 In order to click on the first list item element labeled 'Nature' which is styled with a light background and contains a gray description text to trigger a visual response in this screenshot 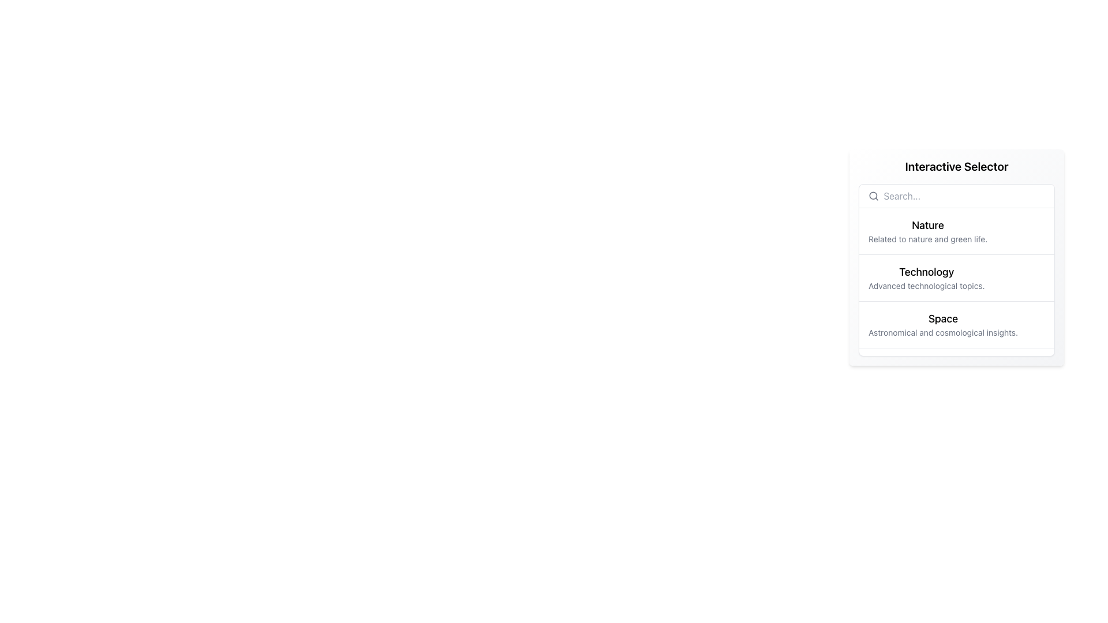, I will do `click(956, 231)`.